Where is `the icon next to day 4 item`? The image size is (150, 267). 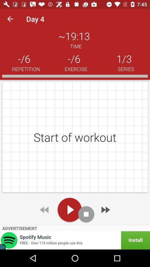
the icon next to day 4 item is located at coordinates (10, 19).